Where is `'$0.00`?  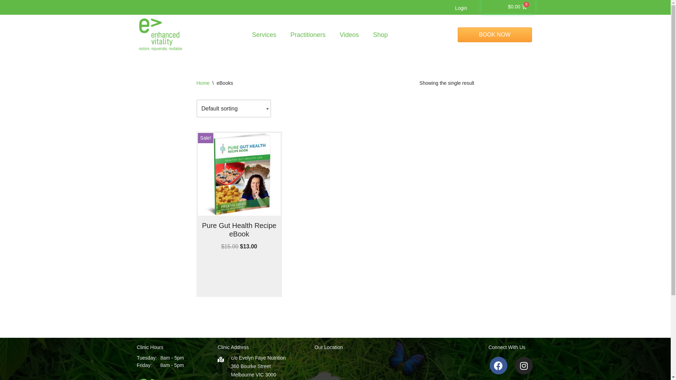 '$0.00 is located at coordinates (517, 7).